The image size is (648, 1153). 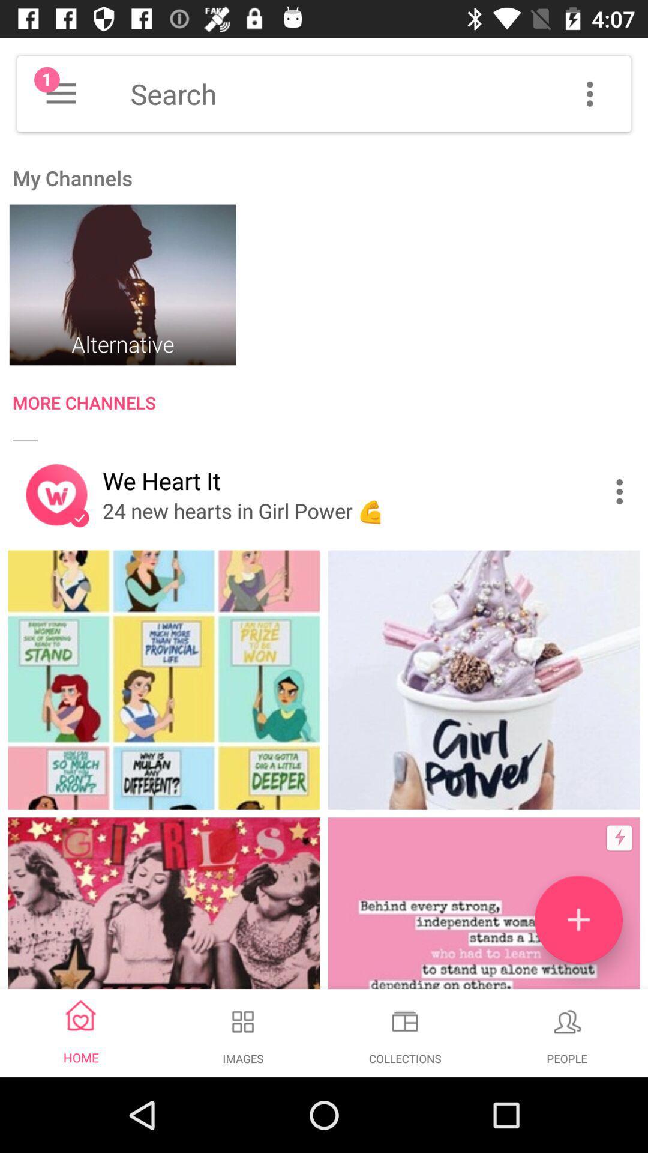 What do you see at coordinates (380, 93) in the screenshot?
I see `search website` at bounding box center [380, 93].